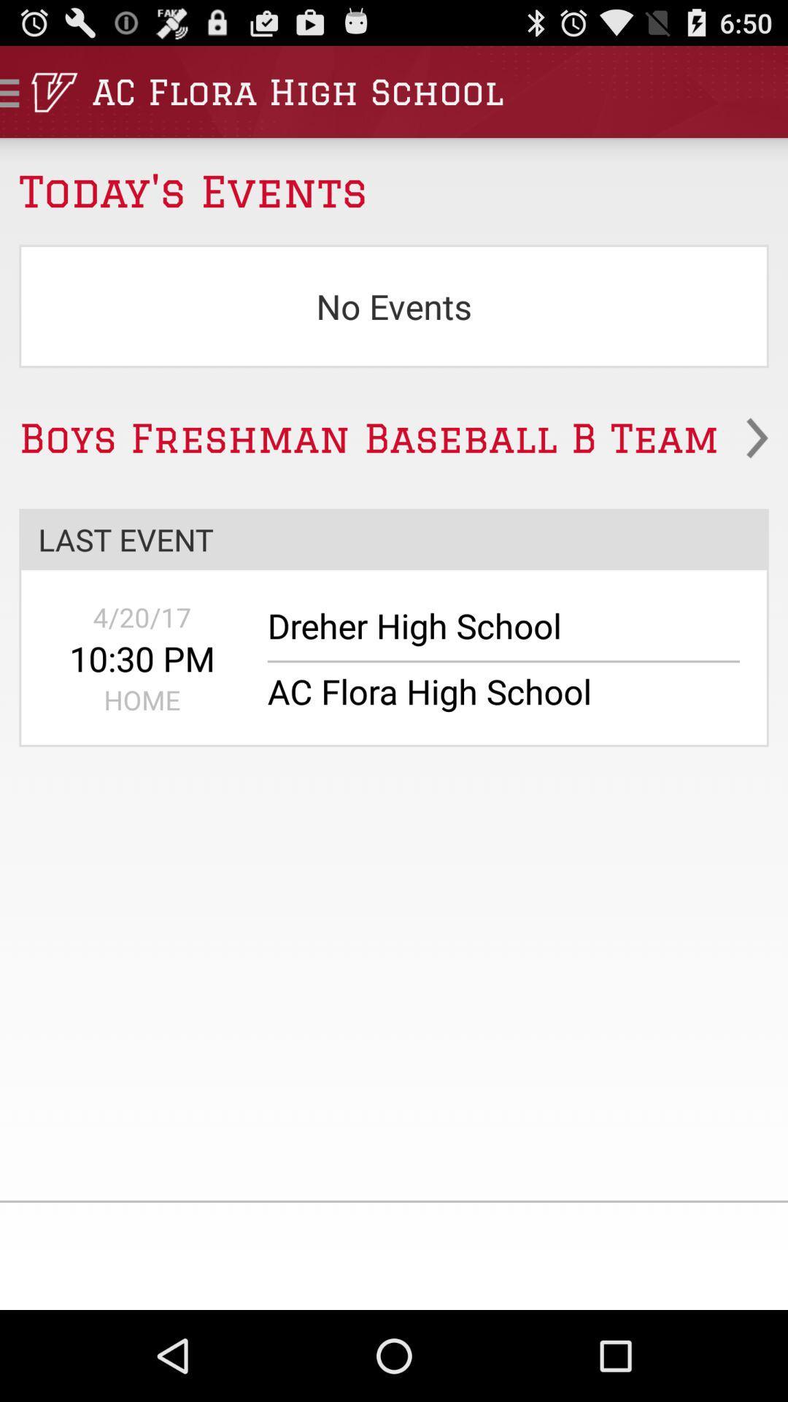 This screenshot has width=788, height=1402. I want to click on the no events item, so click(394, 305).